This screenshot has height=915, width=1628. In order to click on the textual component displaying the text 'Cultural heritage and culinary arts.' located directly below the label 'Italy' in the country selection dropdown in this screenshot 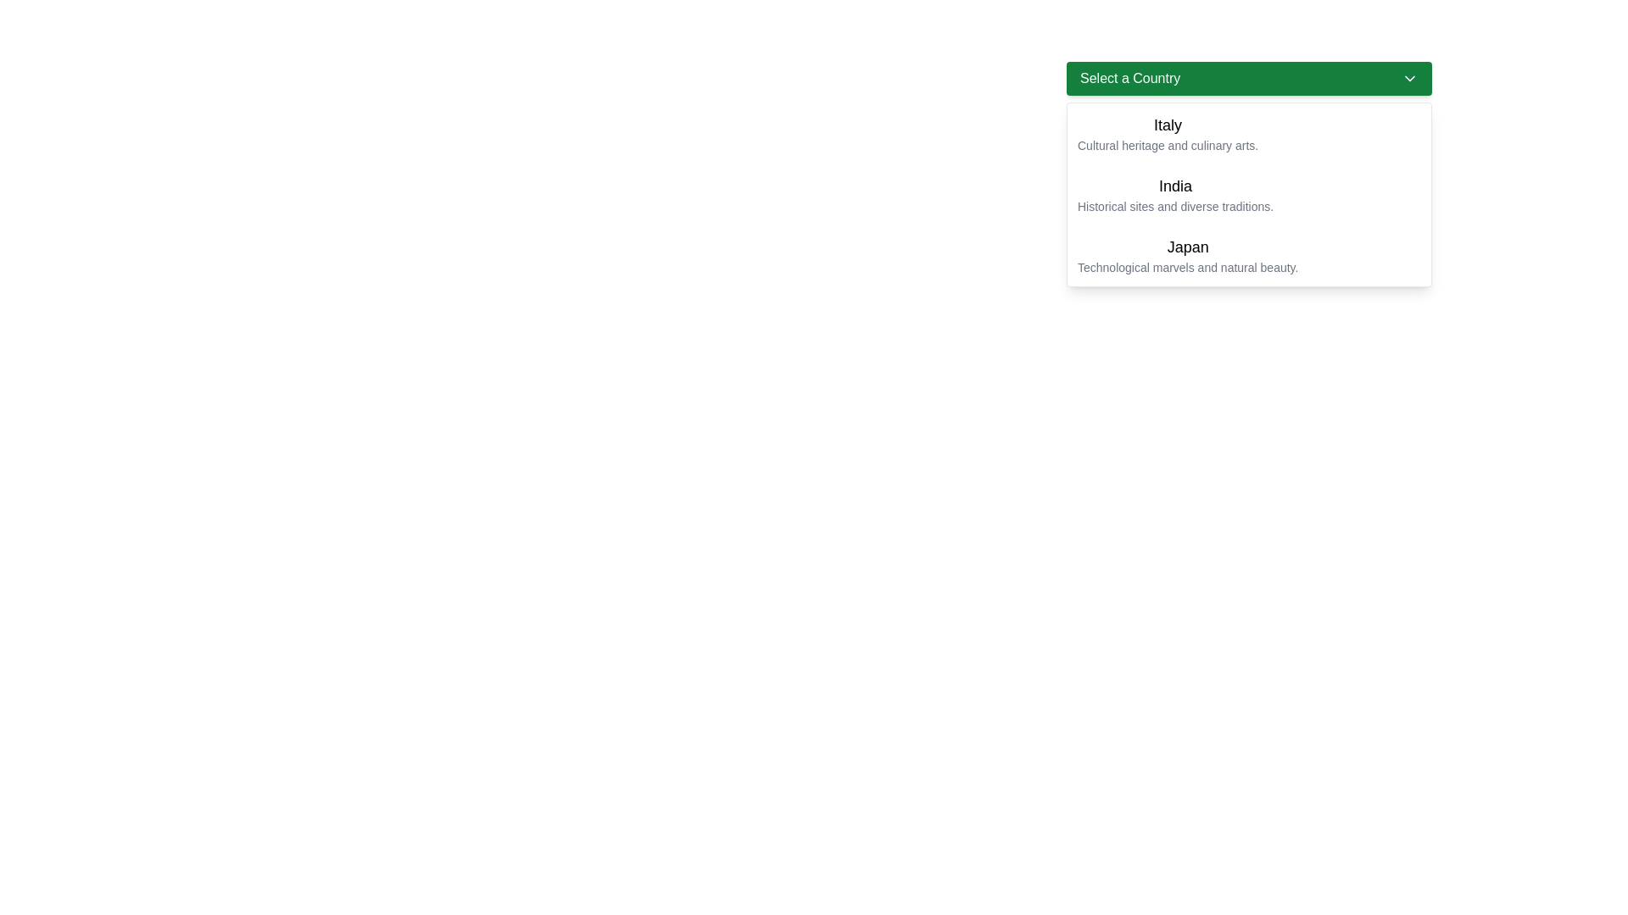, I will do `click(1167, 145)`.